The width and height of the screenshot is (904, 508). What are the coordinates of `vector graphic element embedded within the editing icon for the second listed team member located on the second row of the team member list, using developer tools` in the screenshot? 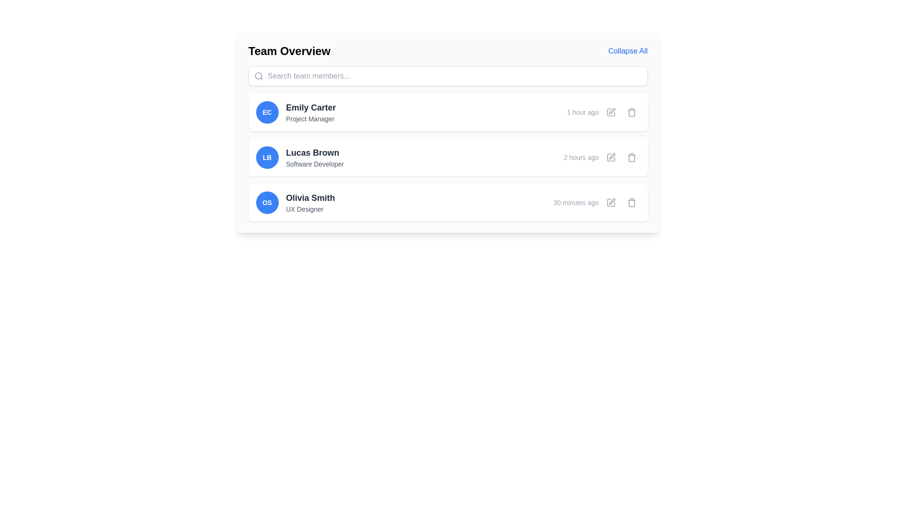 It's located at (611, 157).